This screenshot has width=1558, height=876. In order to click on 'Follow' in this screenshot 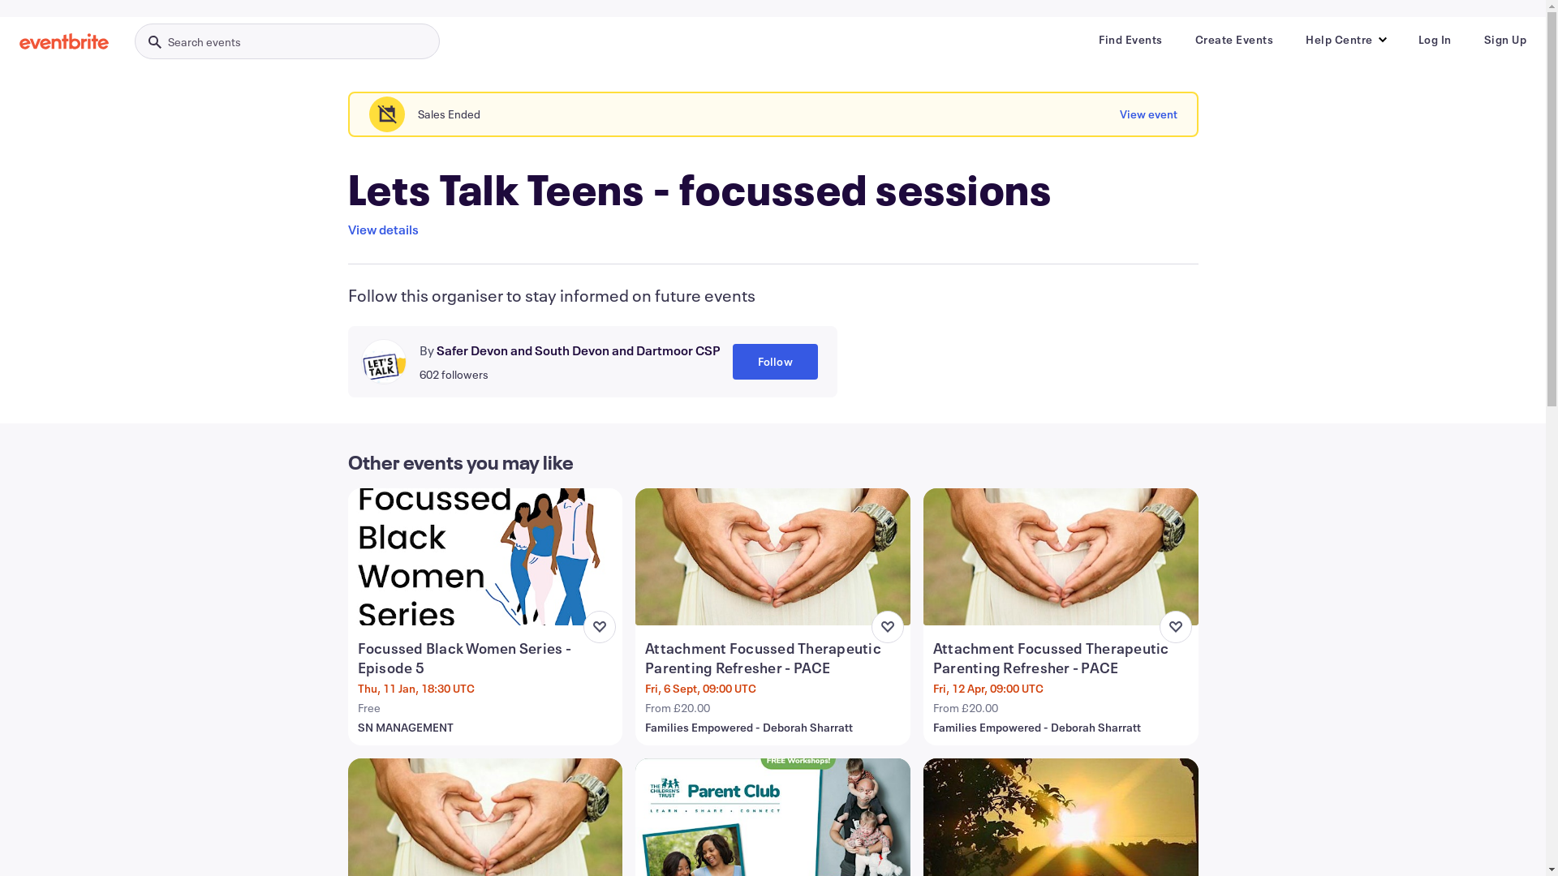, I will do `click(773, 361)`.